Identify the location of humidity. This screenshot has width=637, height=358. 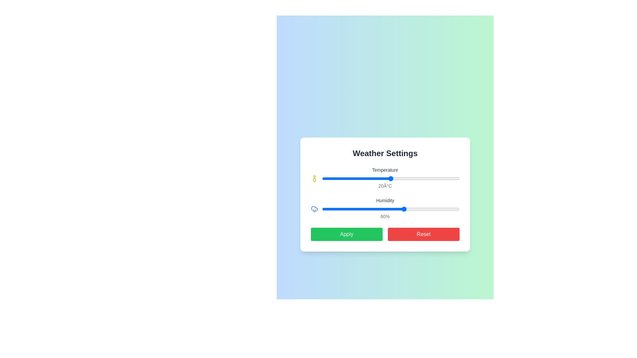
(448, 209).